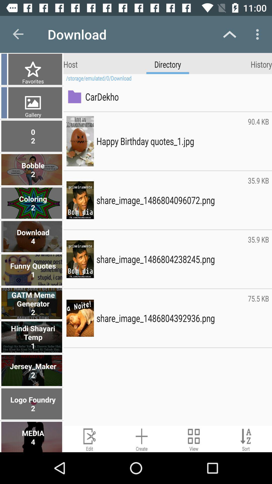 The height and width of the screenshot is (484, 272). Describe the element at coordinates (246, 439) in the screenshot. I see `sort results` at that location.